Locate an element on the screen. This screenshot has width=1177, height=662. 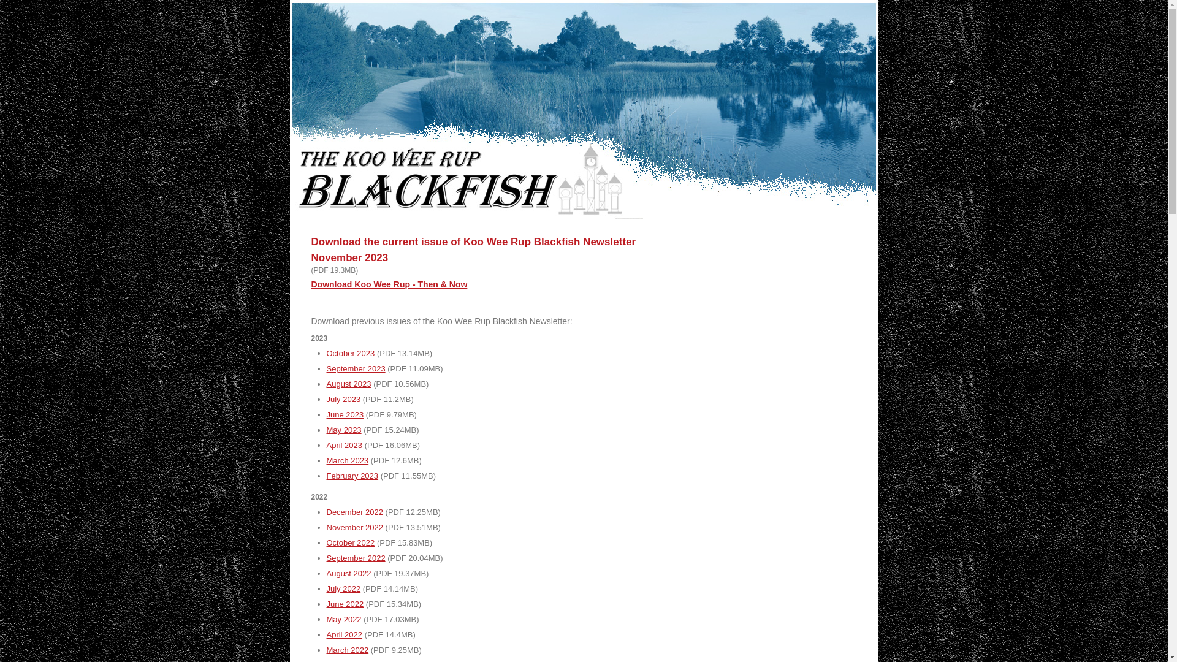
'September 2023' is located at coordinates (355, 368).